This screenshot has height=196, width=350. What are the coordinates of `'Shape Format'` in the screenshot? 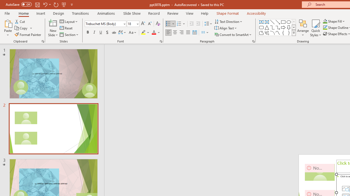 It's located at (227, 13).